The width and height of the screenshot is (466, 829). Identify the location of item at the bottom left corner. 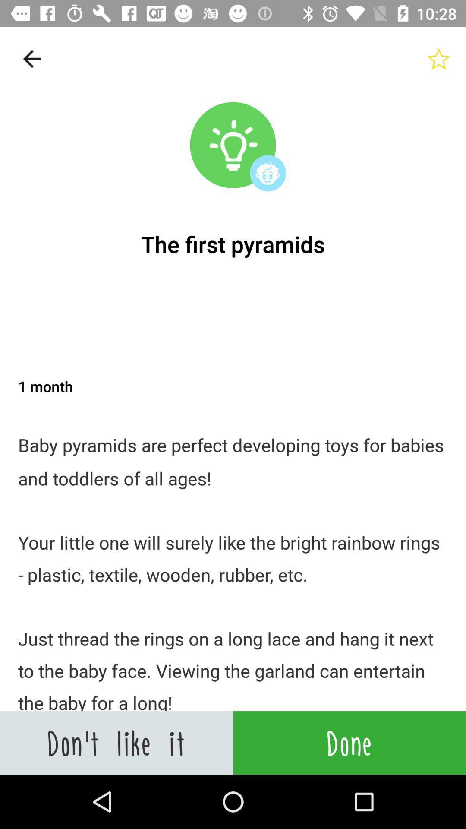
(116, 742).